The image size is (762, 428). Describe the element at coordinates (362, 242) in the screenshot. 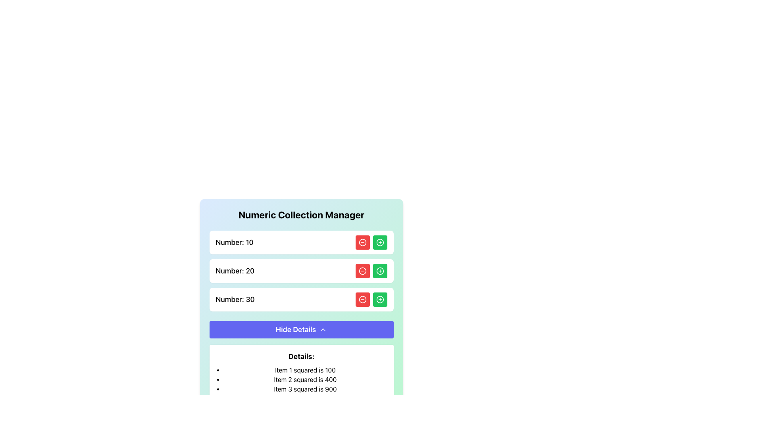

I see `the red circular button with a minus symbol ('-')` at that location.